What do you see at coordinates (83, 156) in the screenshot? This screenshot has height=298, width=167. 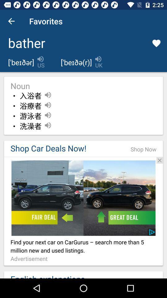 I see `click advertisement` at bounding box center [83, 156].